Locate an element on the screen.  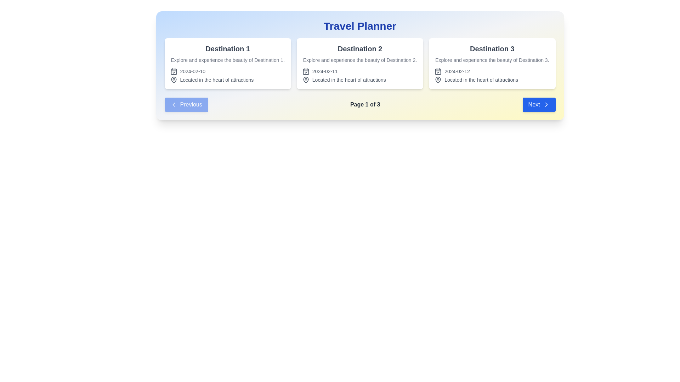
the rightward-pointing chevron icon within the 'Next' button is located at coordinates (546, 105).